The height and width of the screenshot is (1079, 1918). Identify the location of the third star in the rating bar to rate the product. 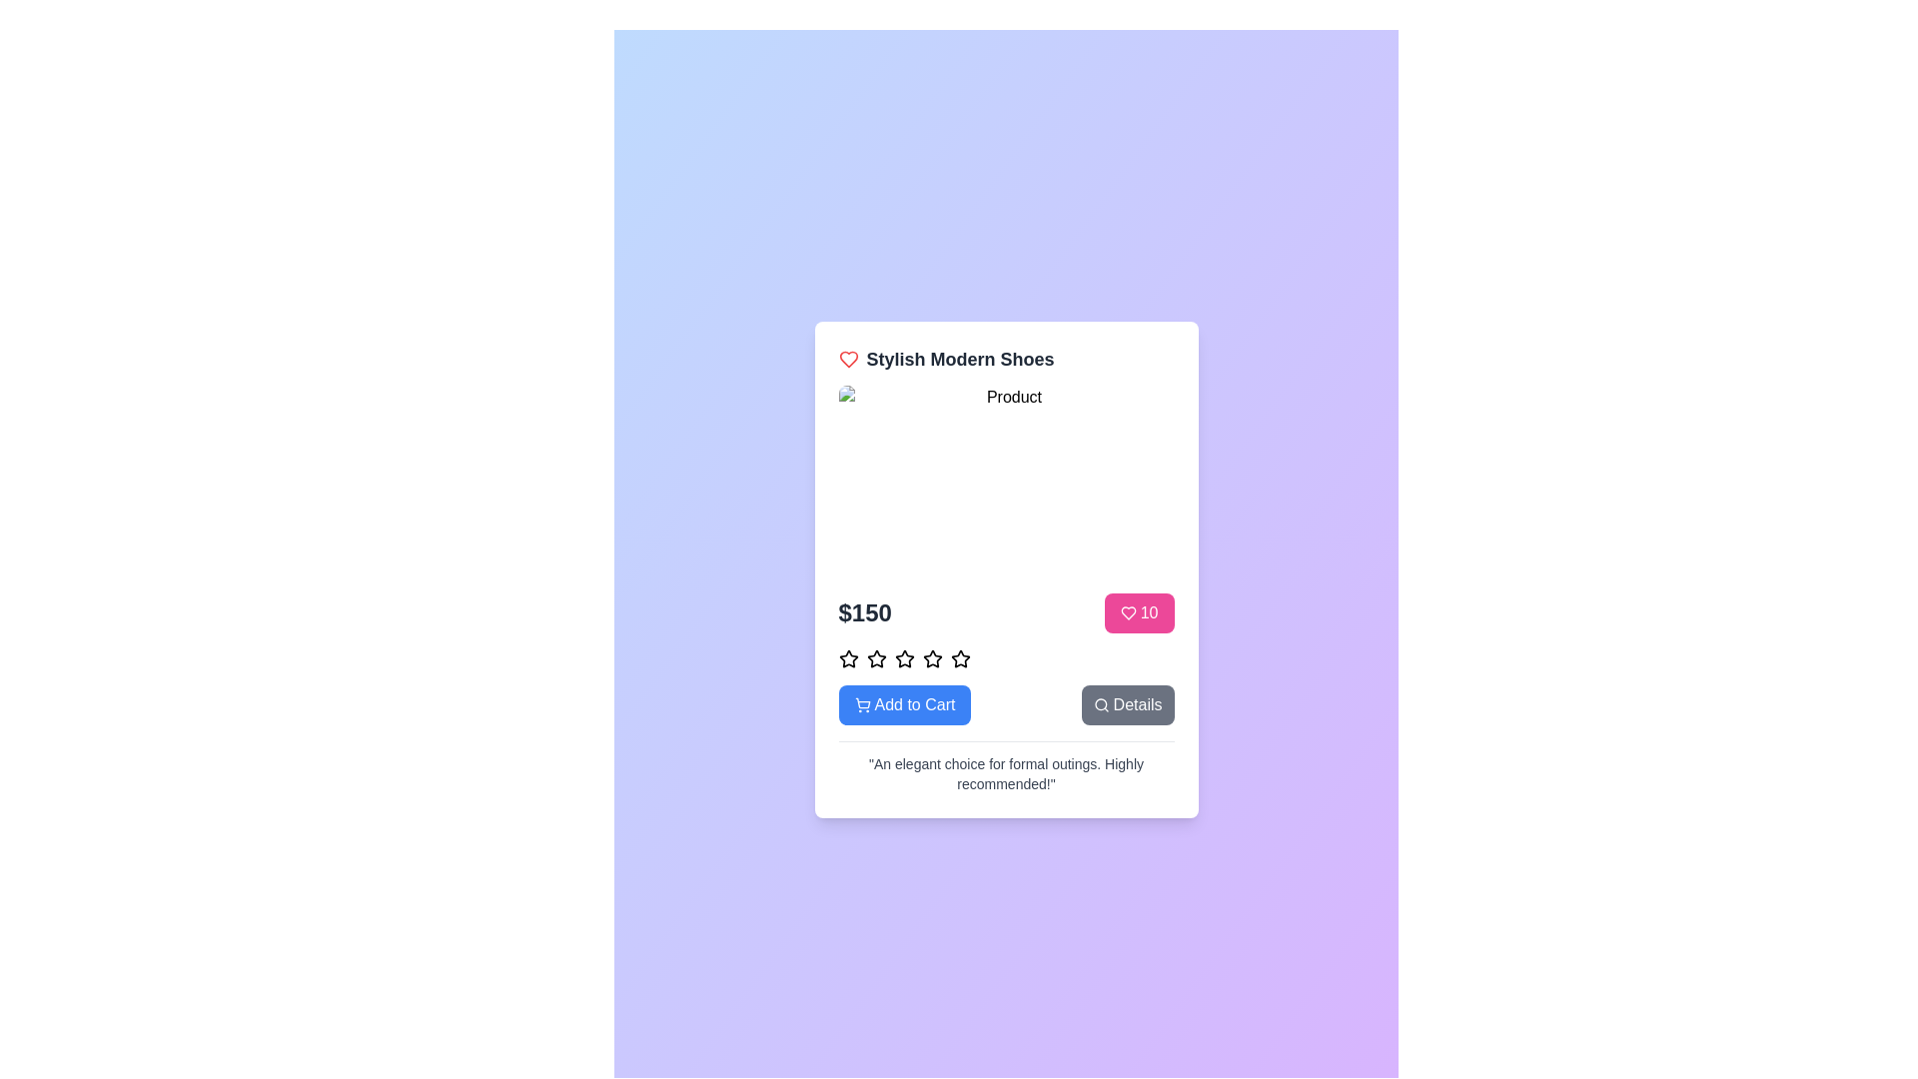
(931, 658).